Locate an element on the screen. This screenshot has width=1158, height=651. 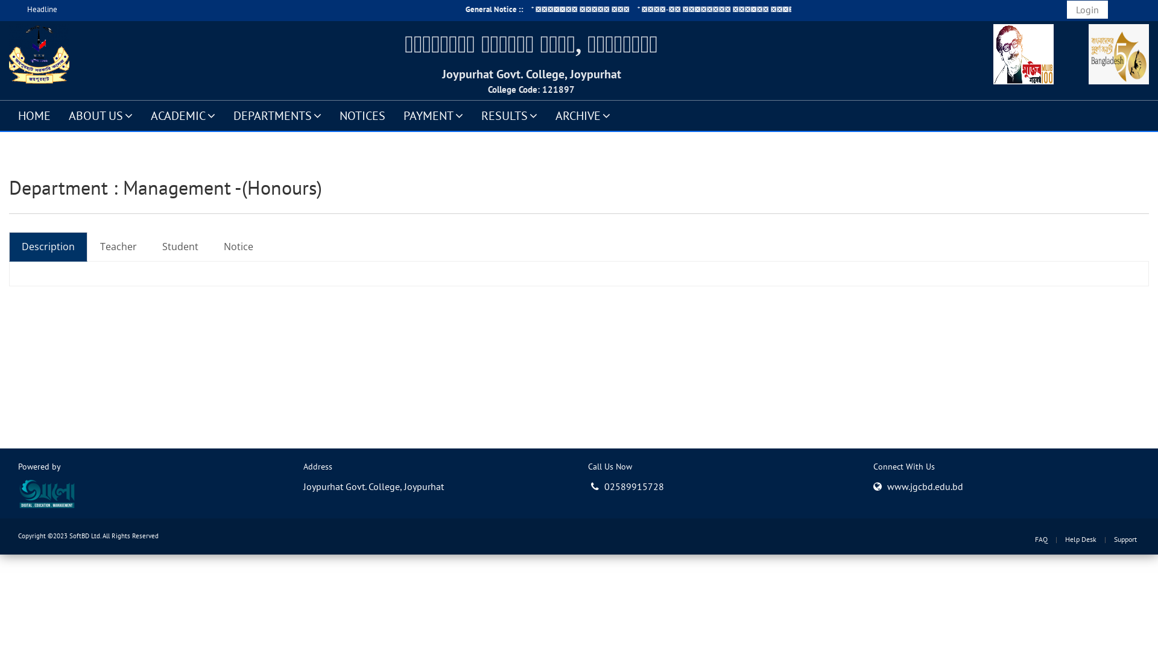
'ARCHIVE' is located at coordinates (583, 115).